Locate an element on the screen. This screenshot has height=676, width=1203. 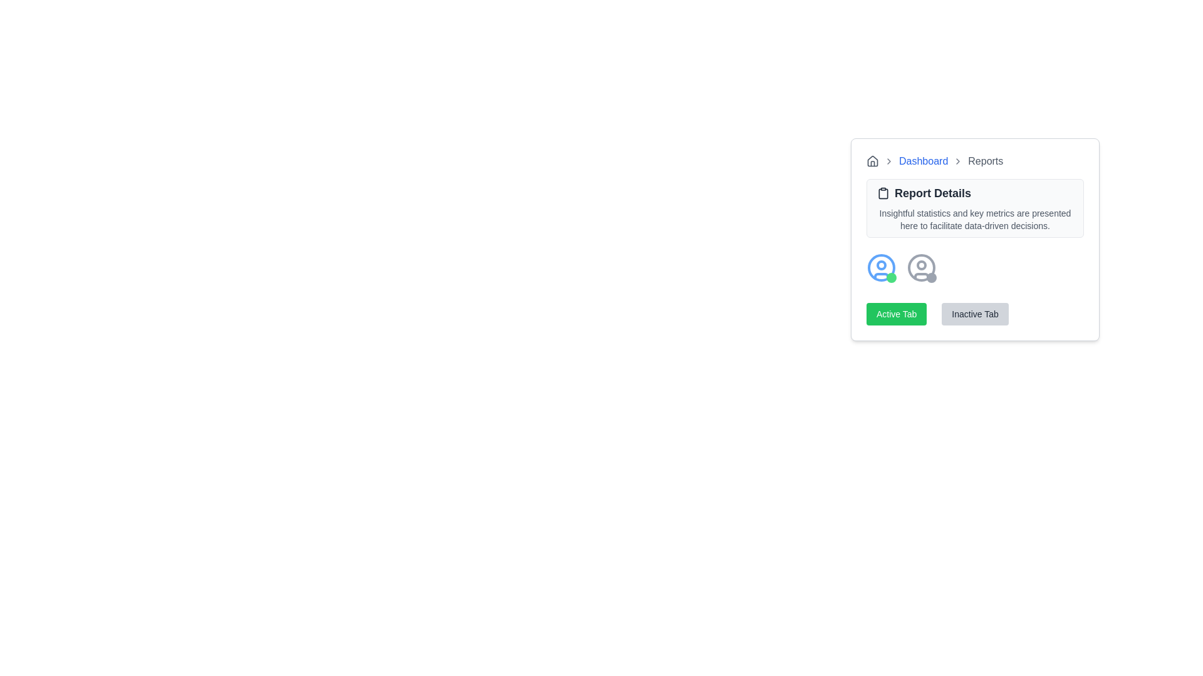
the 'Active Tab' button is located at coordinates (896, 313).